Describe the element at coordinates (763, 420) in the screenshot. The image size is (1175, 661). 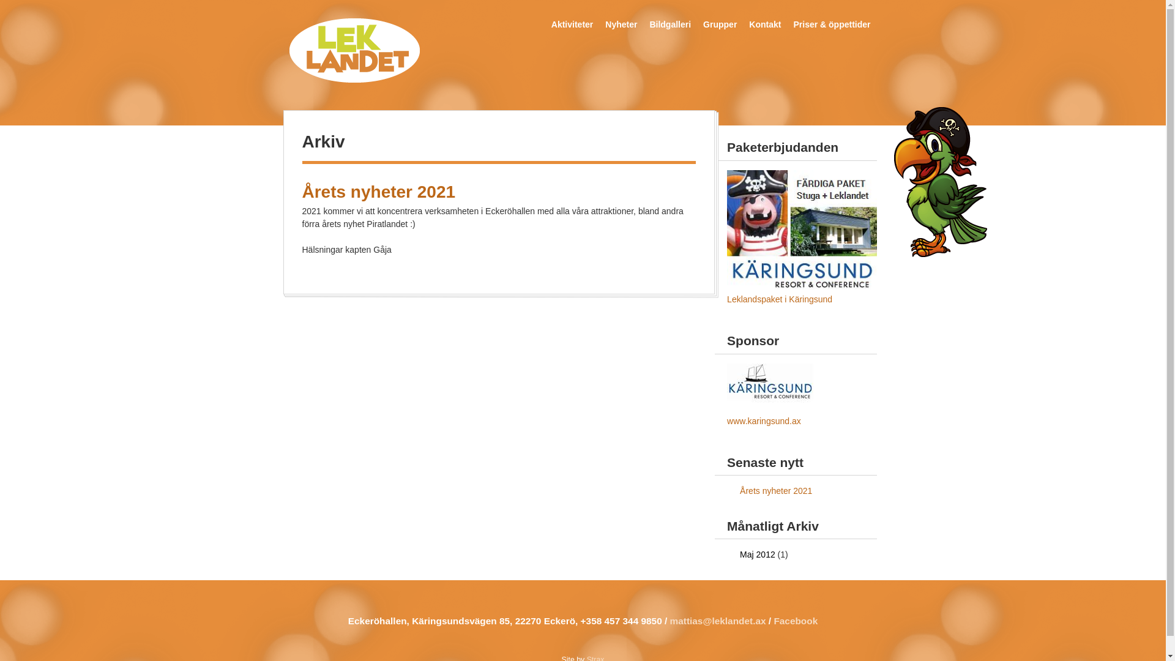
I see `'www.karingsund.ax'` at that location.